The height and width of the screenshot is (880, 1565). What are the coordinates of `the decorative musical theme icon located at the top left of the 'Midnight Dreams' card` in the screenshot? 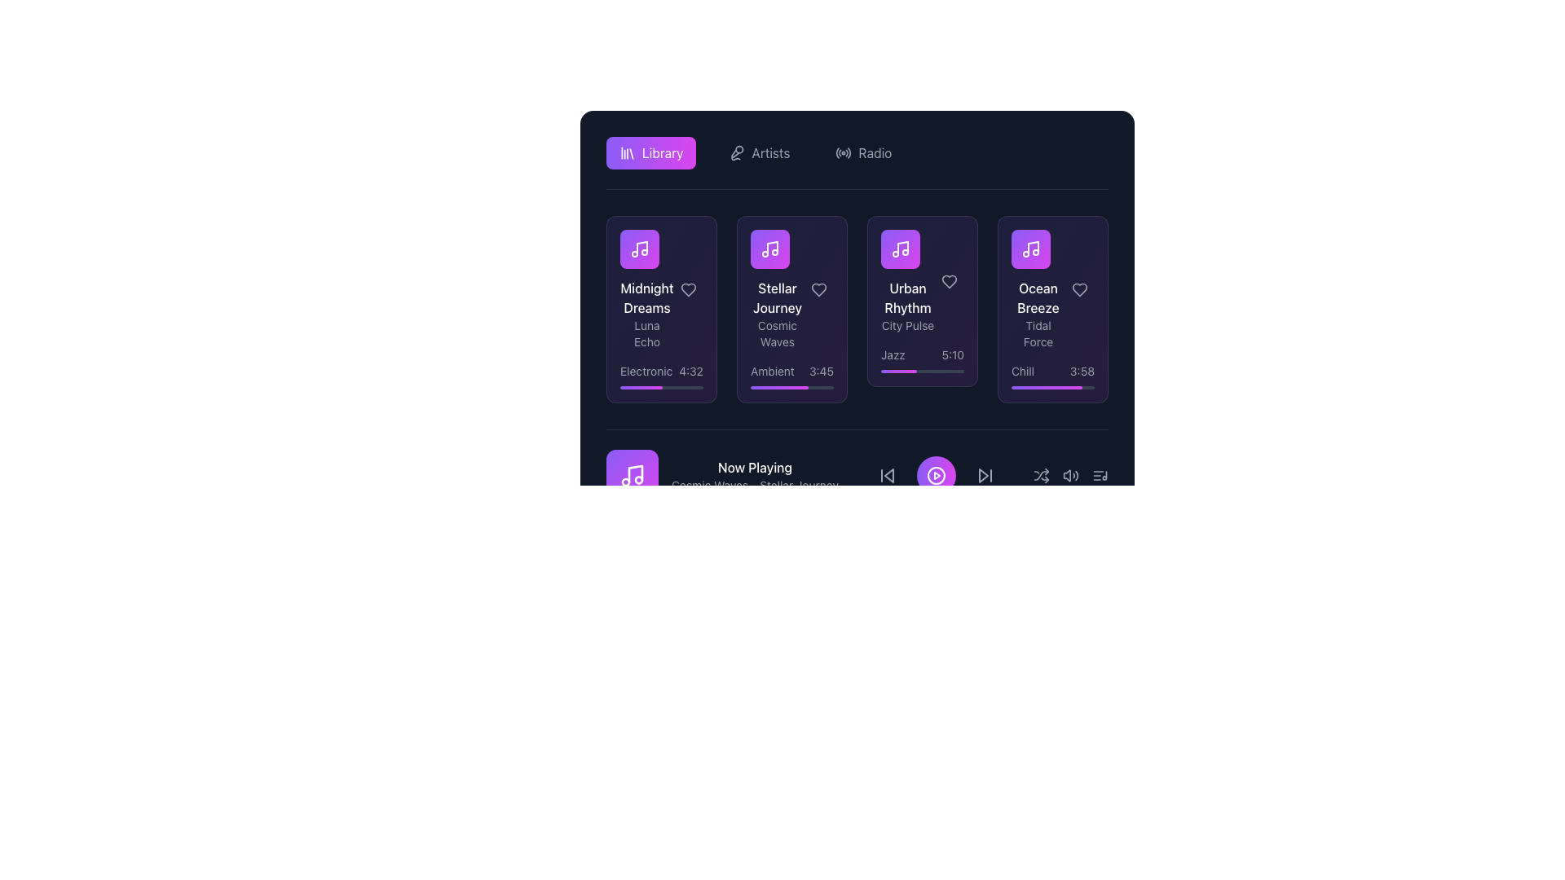 It's located at (641, 248).